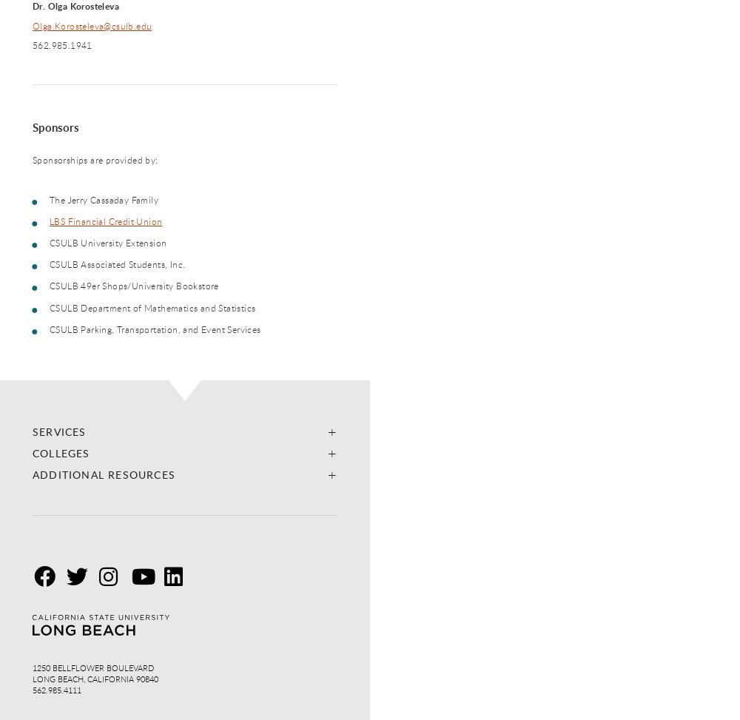 This screenshot has height=720, width=740. I want to click on '562.985.1941', so click(61, 44).